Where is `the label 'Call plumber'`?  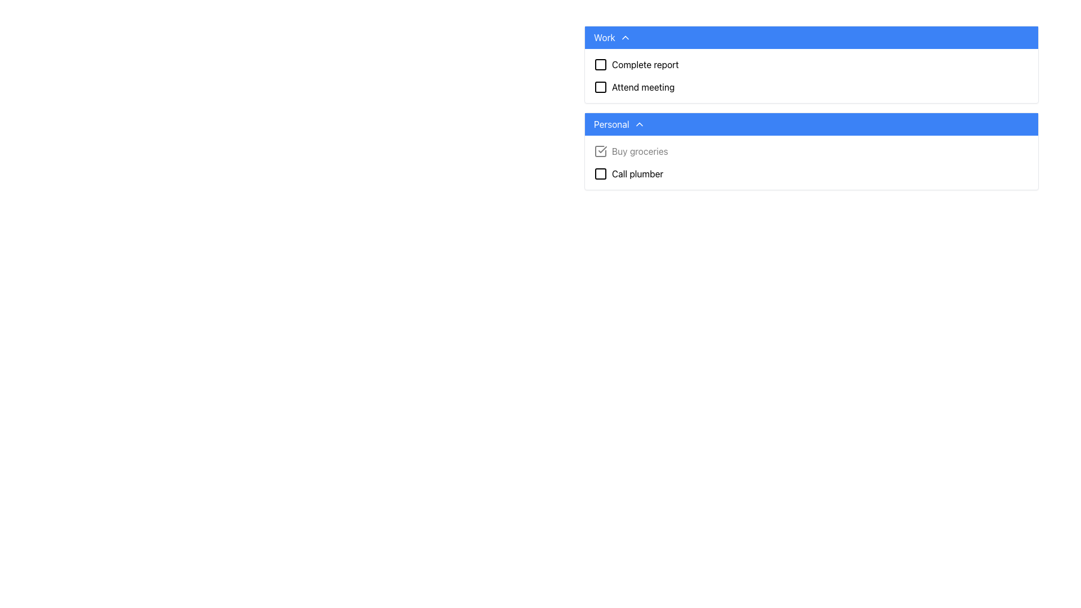 the label 'Call plumber' is located at coordinates (637, 173).